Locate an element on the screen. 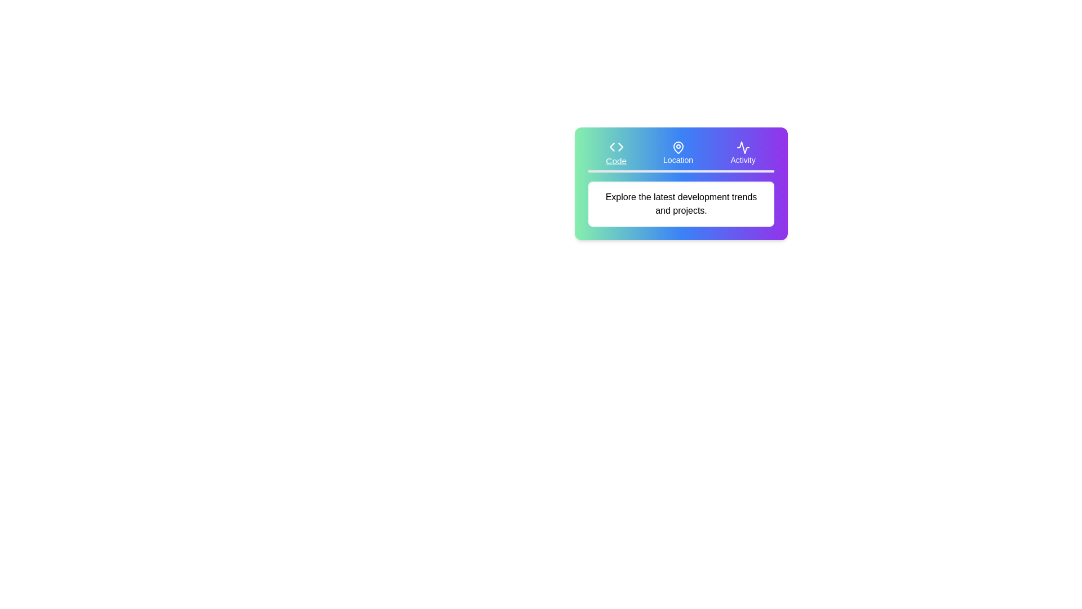  the tab button labeled Activity to observe its hover effect is located at coordinates (743, 153).